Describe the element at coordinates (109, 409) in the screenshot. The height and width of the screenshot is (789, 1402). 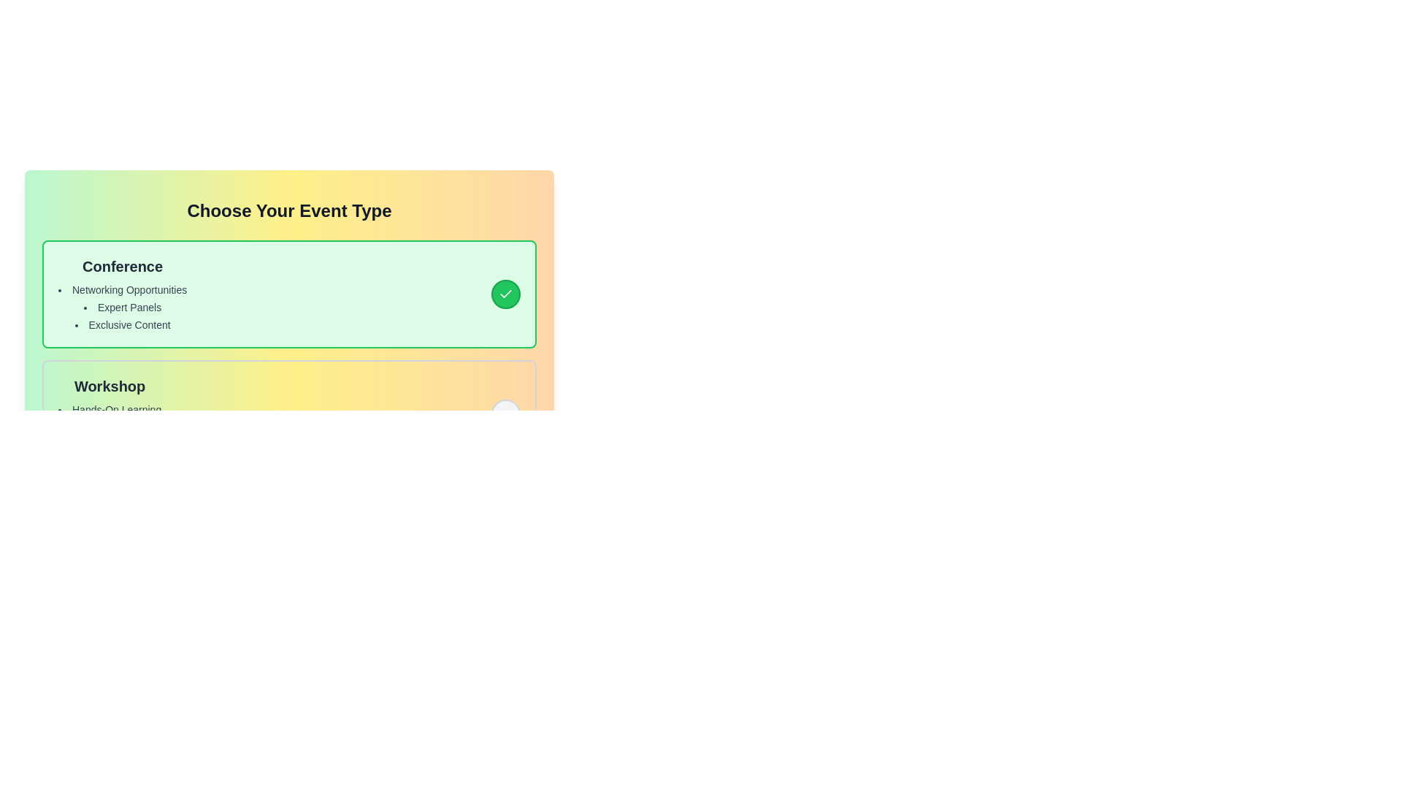
I see `the text element displaying 'Hands-On Learning' in the bulleted list under the 'Workshop' section` at that location.